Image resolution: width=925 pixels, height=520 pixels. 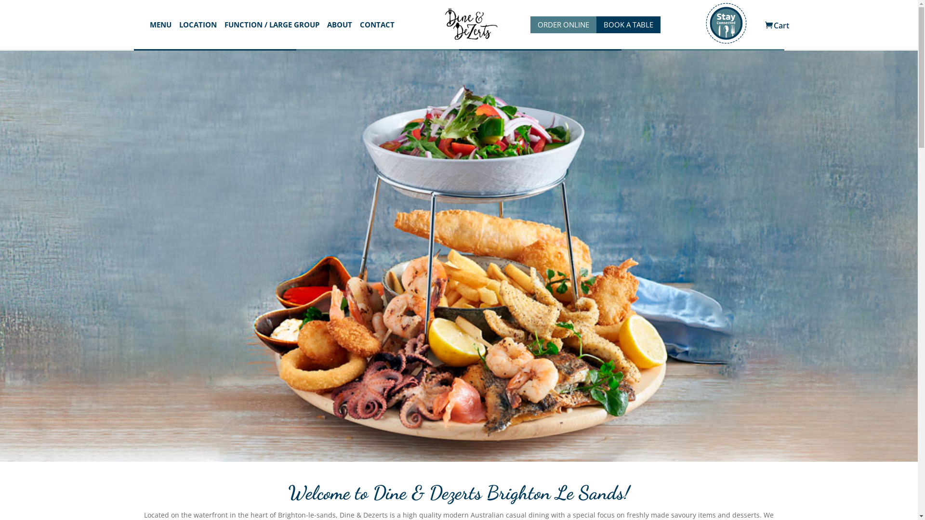 What do you see at coordinates (458, 39) in the screenshot?
I see `'Functions & Events'` at bounding box center [458, 39].